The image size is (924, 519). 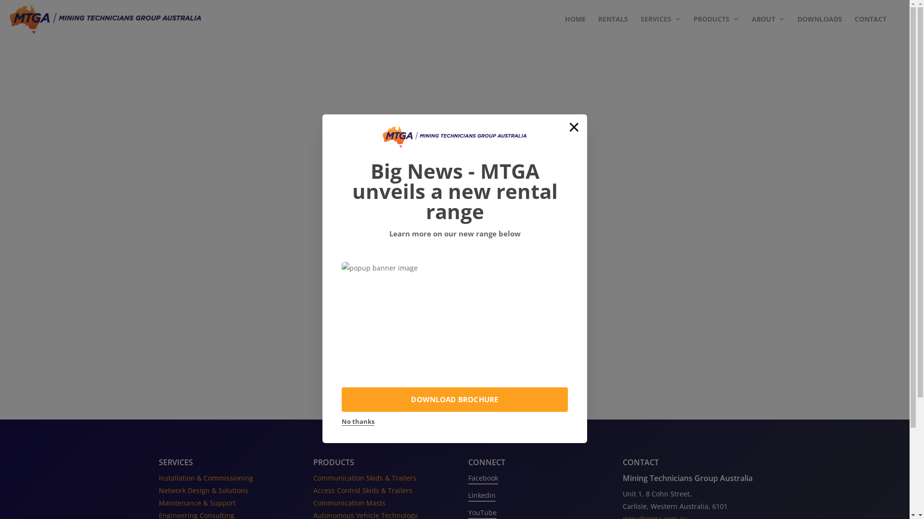 What do you see at coordinates (362, 490) in the screenshot?
I see `'Access Control Skids & Trailers'` at bounding box center [362, 490].